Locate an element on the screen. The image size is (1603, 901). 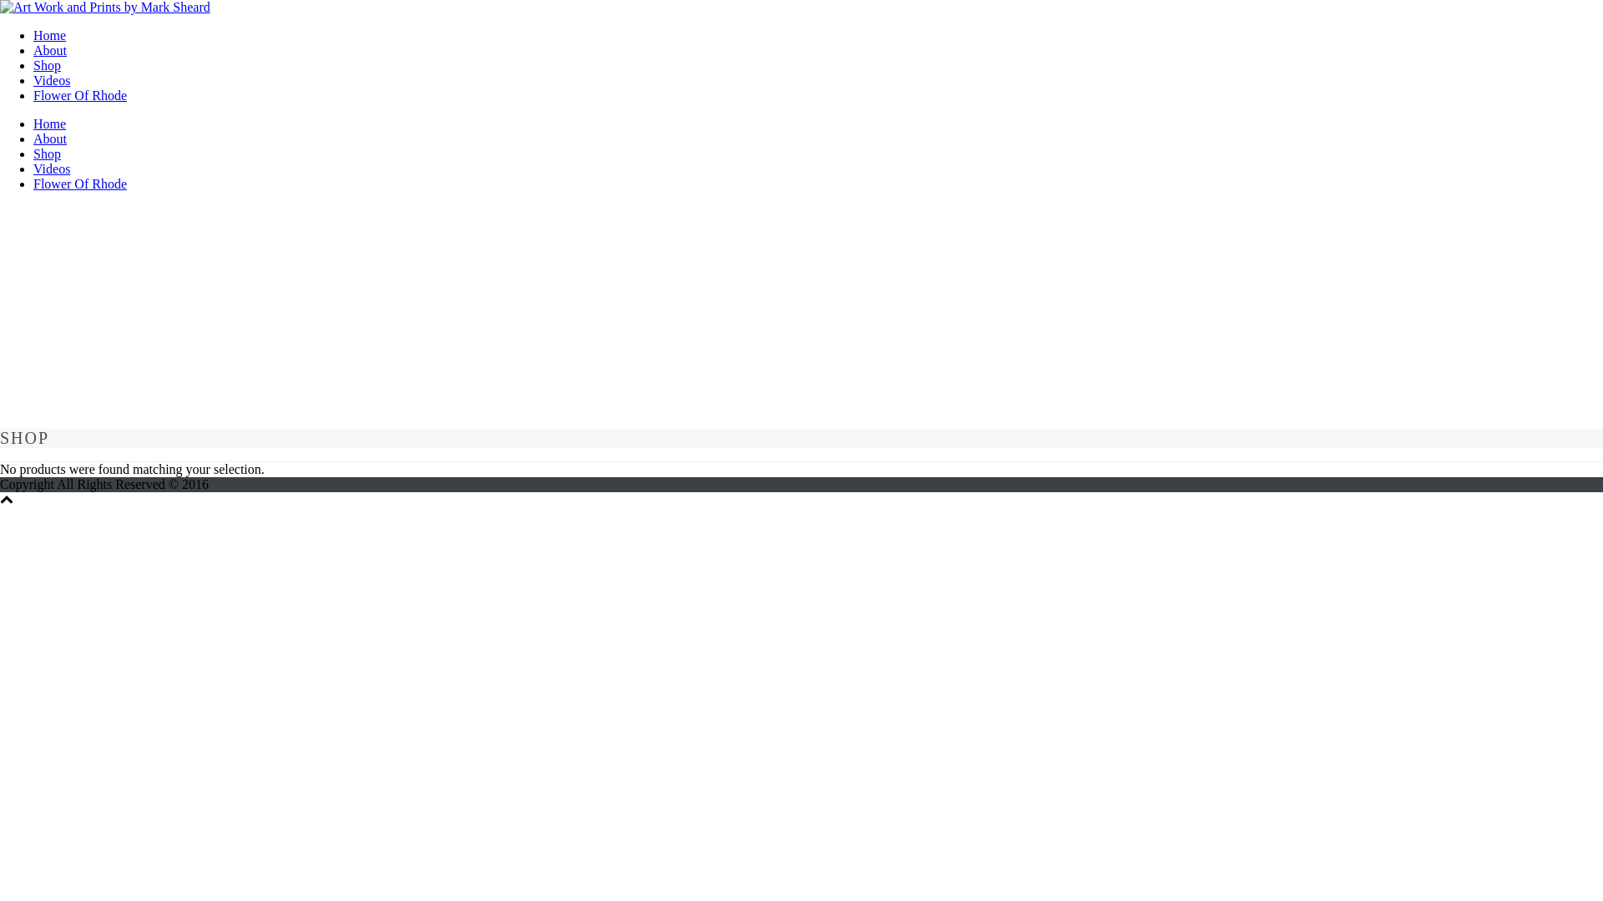
'Shop' is located at coordinates (47, 154).